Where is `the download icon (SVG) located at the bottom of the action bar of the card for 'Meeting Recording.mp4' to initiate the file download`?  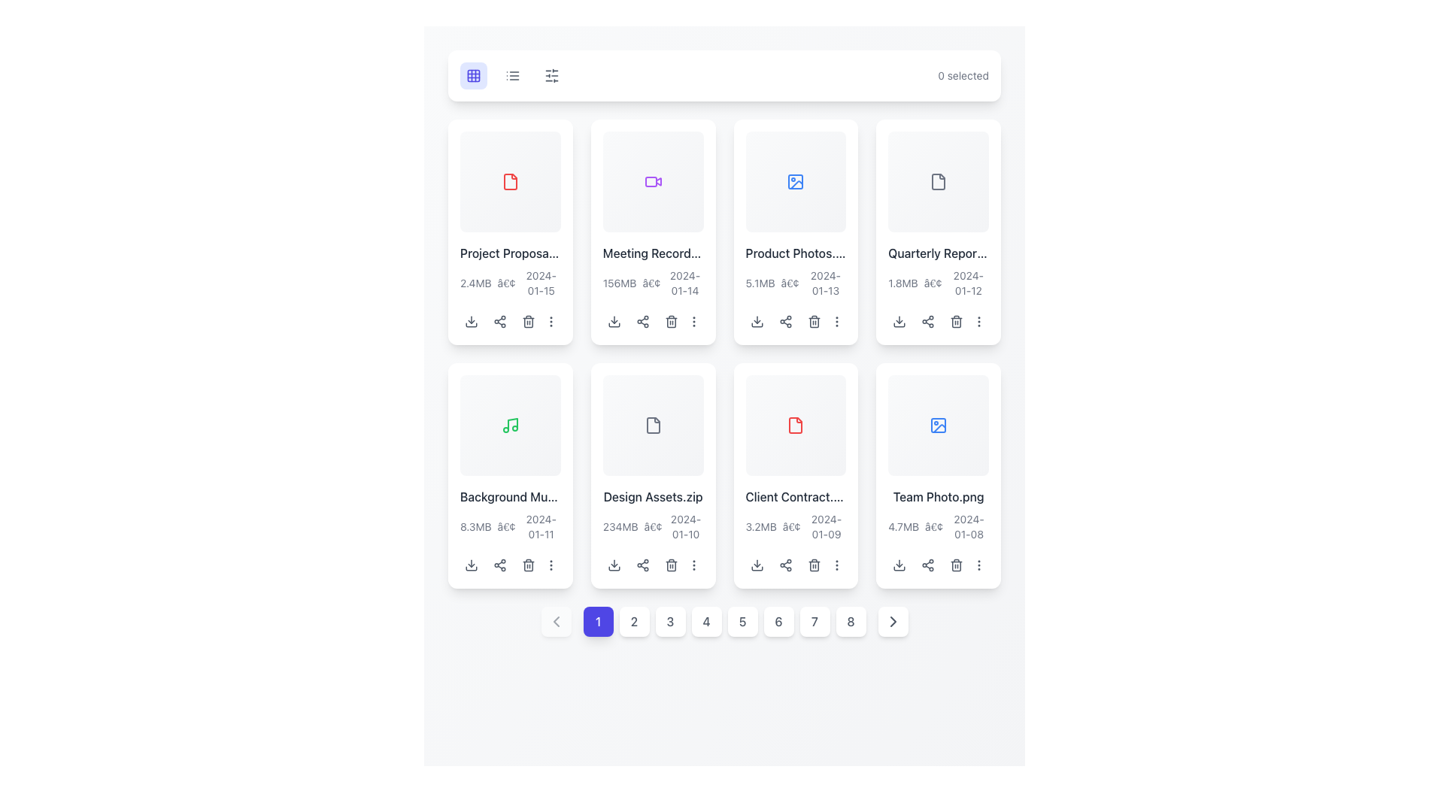 the download icon (SVG) located at the bottom of the action bar of the card for 'Meeting Recording.mp4' to initiate the file download is located at coordinates (614, 320).